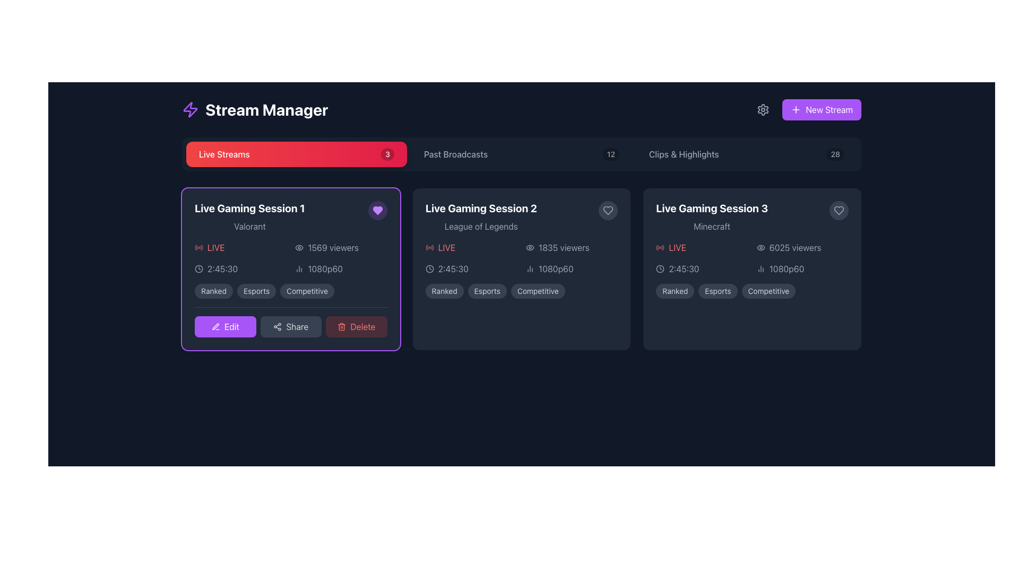 This screenshot has width=1019, height=573. I want to click on text label 'Esports', which is the second badge in the horizontal list of tags under 'Live Gaming Session 1', so click(256, 291).